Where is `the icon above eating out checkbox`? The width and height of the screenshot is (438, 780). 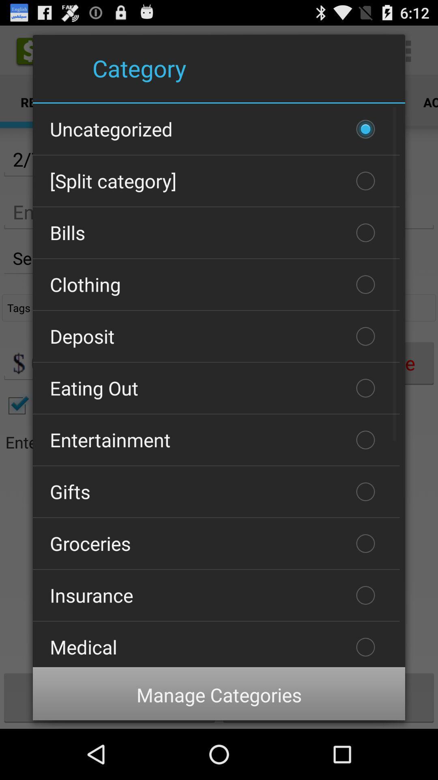 the icon above eating out checkbox is located at coordinates (216, 336).